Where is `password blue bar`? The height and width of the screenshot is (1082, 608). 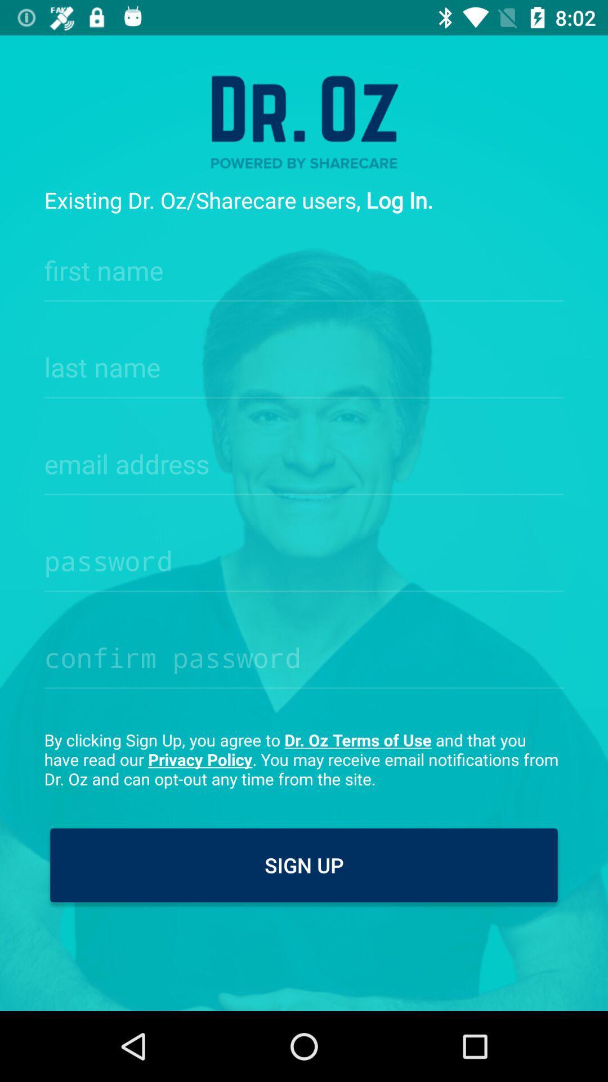 password blue bar is located at coordinates (304, 557).